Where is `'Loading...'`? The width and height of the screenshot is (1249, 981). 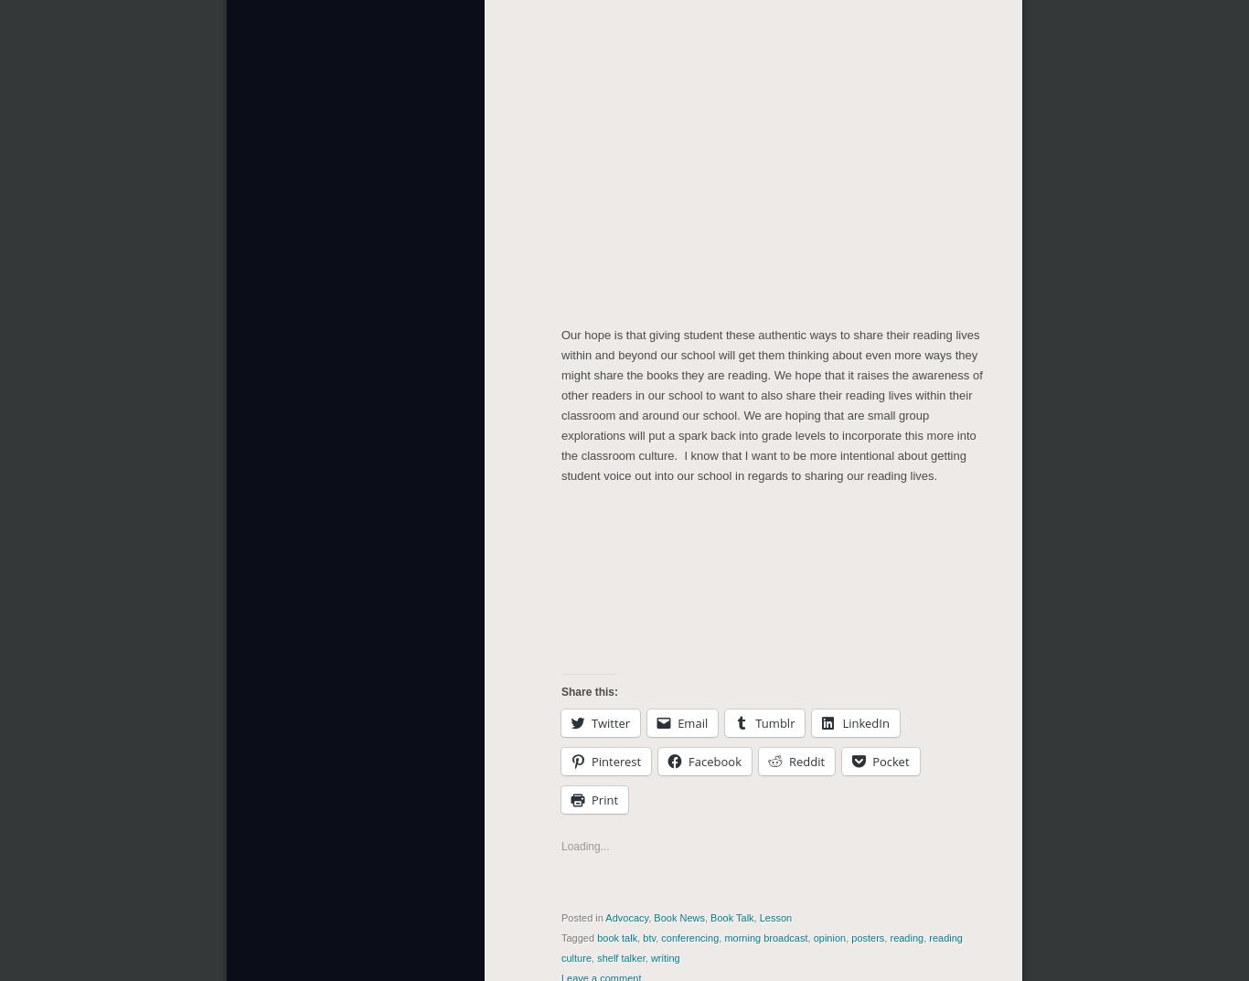
'Loading...' is located at coordinates (583, 846).